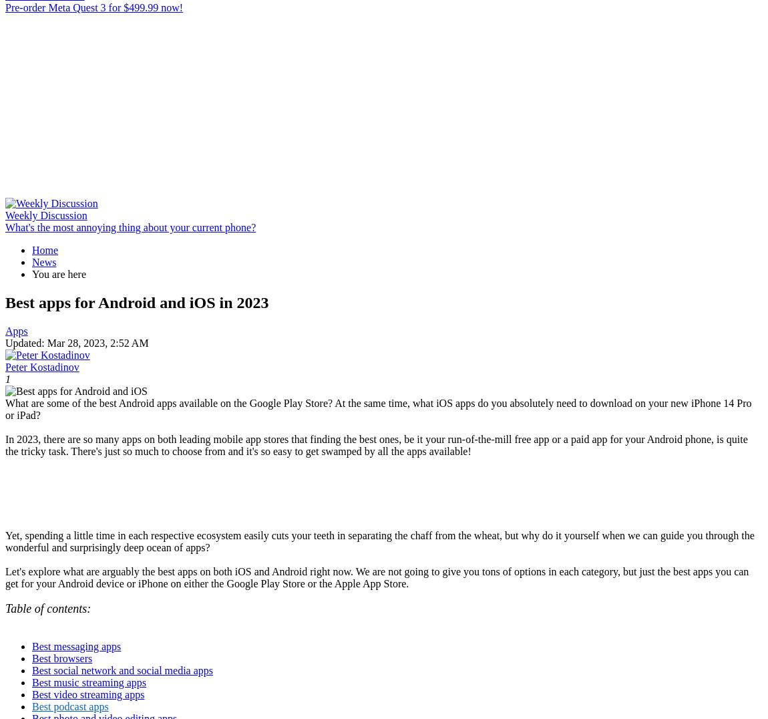  What do you see at coordinates (31, 669) in the screenshot?
I see `'Best social network and social media apps'` at bounding box center [31, 669].